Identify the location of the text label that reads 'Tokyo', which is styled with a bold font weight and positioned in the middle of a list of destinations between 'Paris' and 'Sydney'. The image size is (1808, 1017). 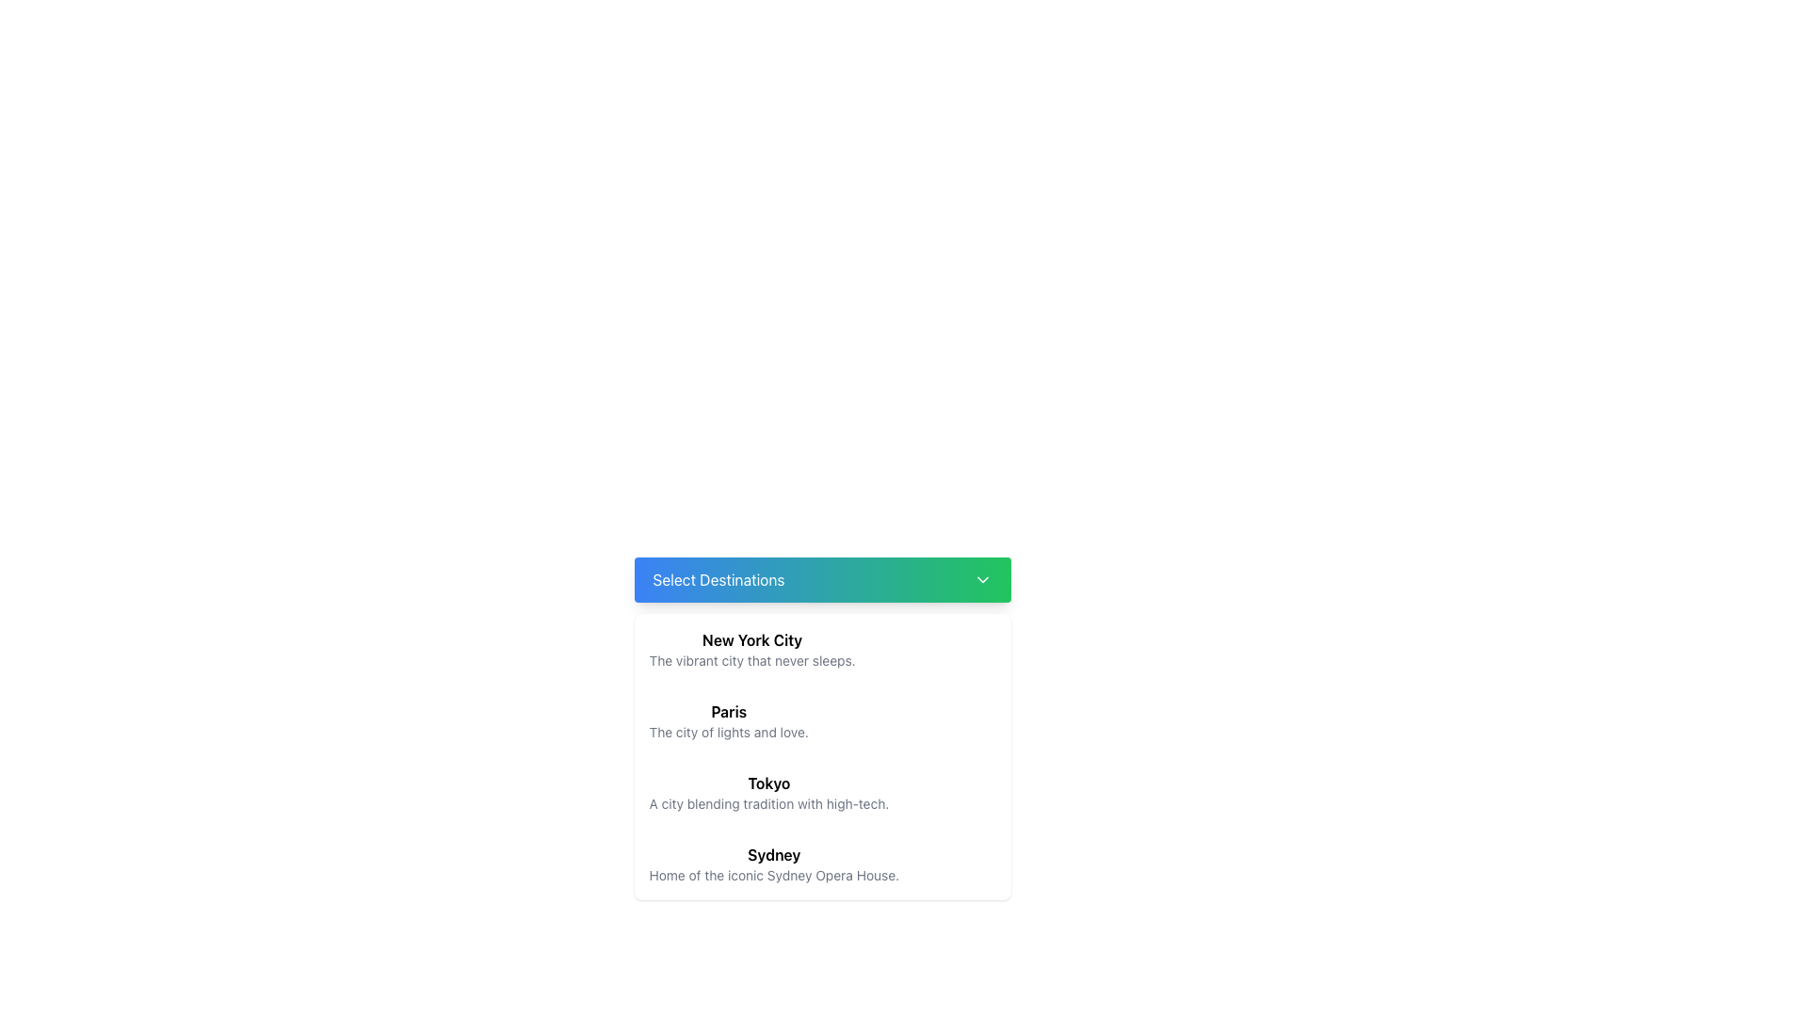
(768, 783).